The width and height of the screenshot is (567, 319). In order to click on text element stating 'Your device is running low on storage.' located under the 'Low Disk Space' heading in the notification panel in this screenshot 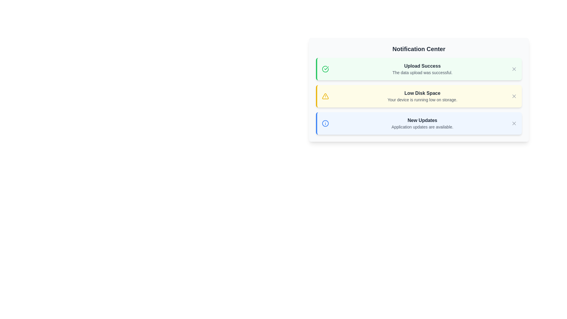, I will do `click(422, 100)`.